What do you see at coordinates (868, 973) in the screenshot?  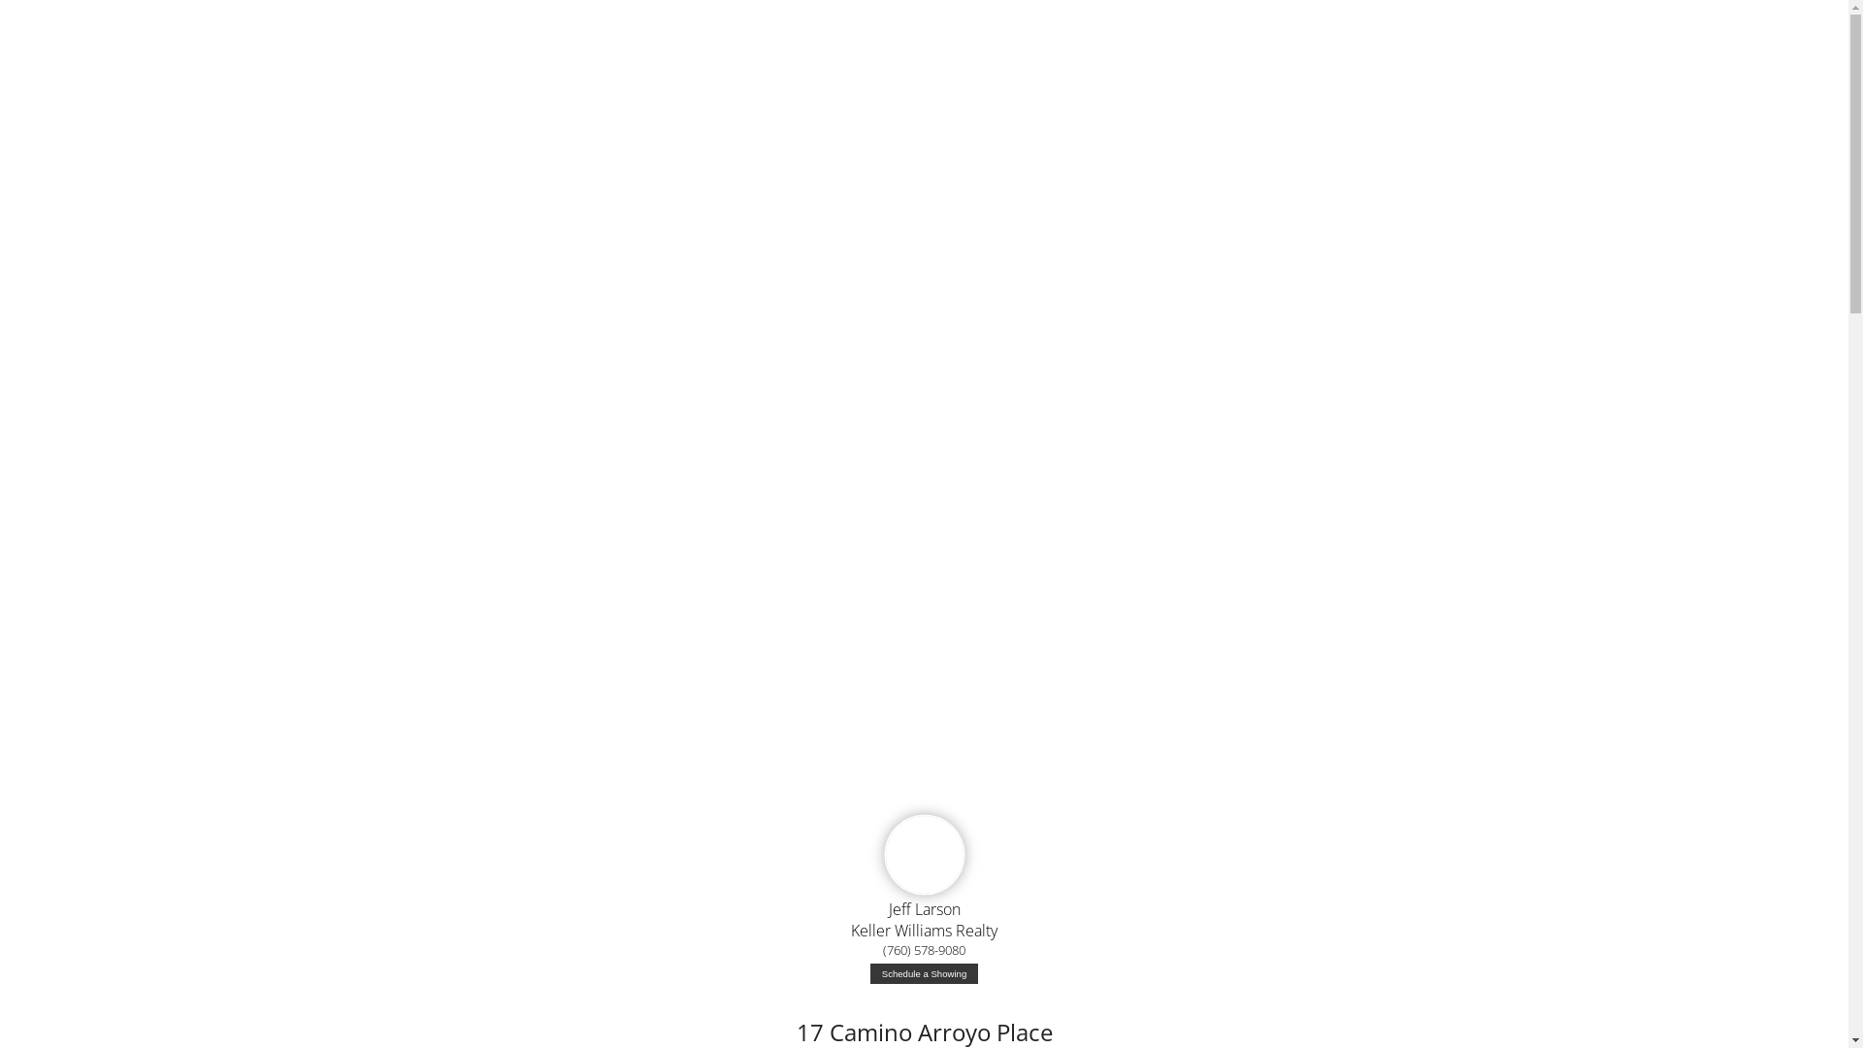 I see `'Schedule a Showing'` at bounding box center [868, 973].